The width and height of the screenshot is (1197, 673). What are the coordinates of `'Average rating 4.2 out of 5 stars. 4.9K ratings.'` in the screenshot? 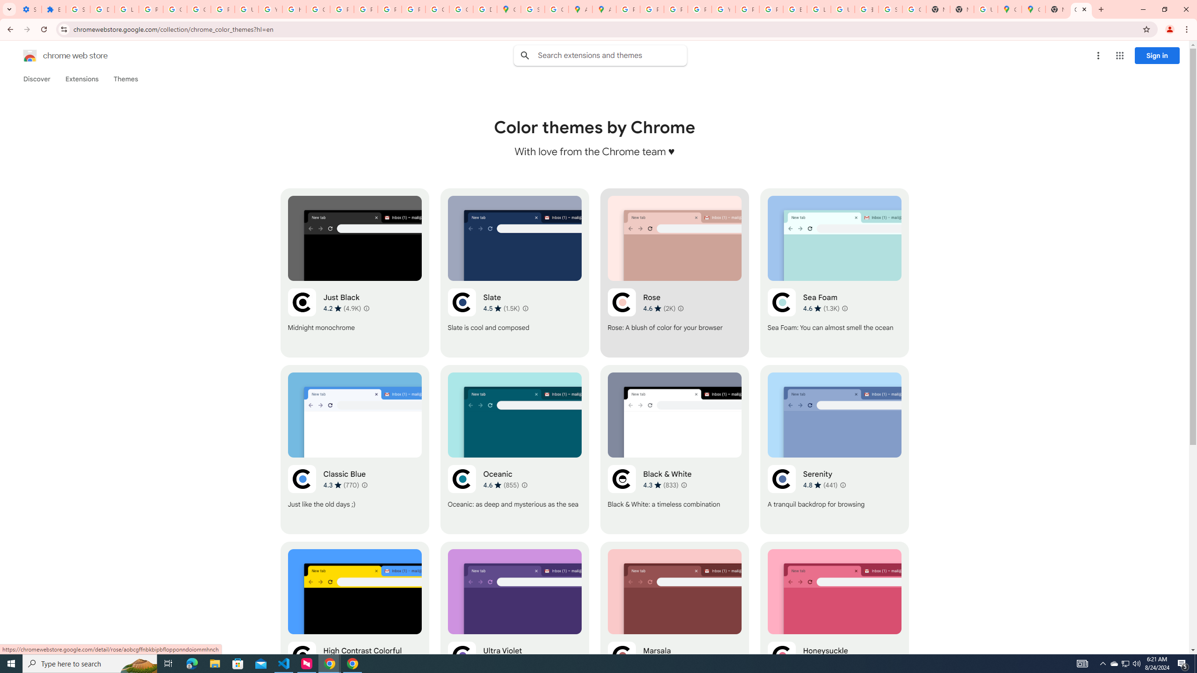 It's located at (342, 308).